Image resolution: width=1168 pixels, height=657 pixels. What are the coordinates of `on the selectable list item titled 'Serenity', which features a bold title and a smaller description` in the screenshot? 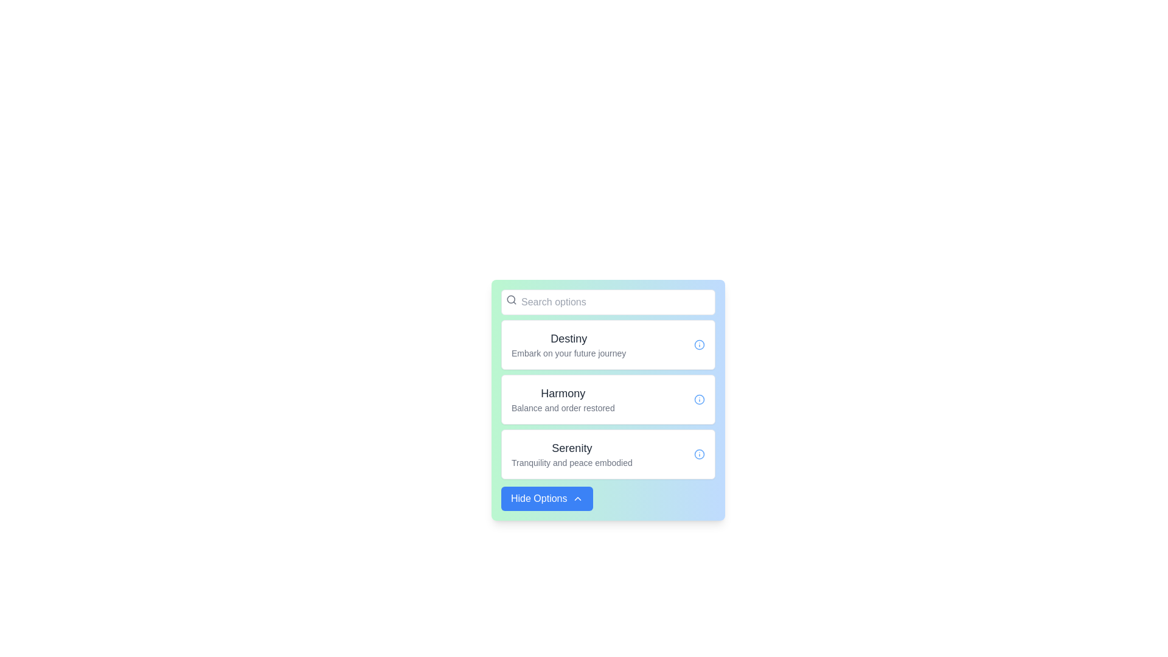 It's located at (608, 454).